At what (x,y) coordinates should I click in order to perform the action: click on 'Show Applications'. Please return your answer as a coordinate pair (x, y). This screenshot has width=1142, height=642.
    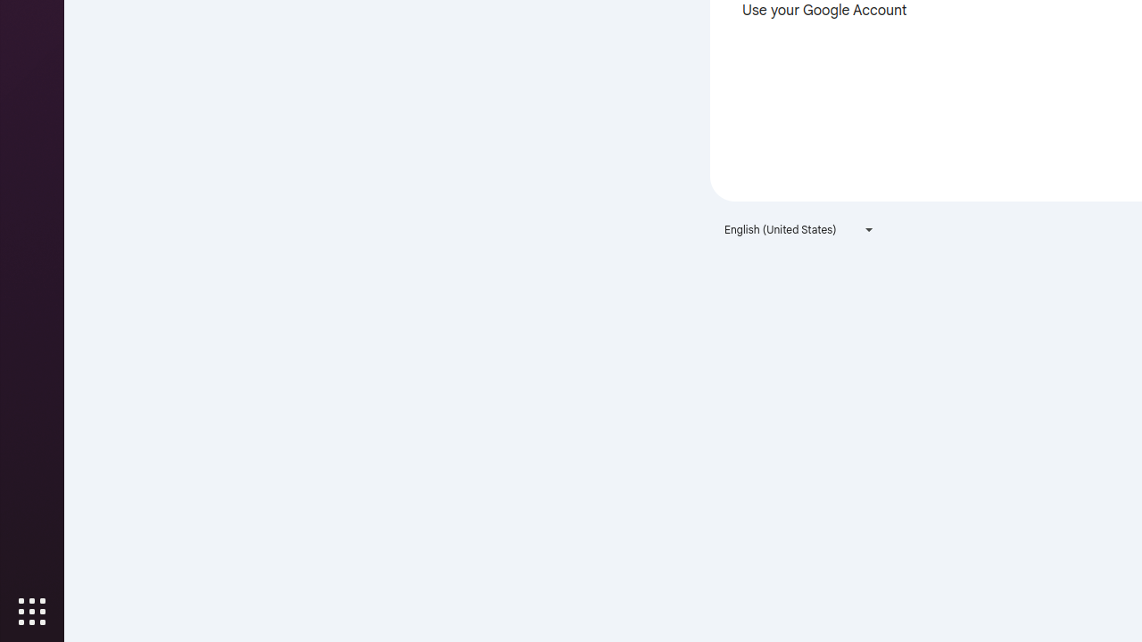
    Looking at the image, I should click on (31, 611).